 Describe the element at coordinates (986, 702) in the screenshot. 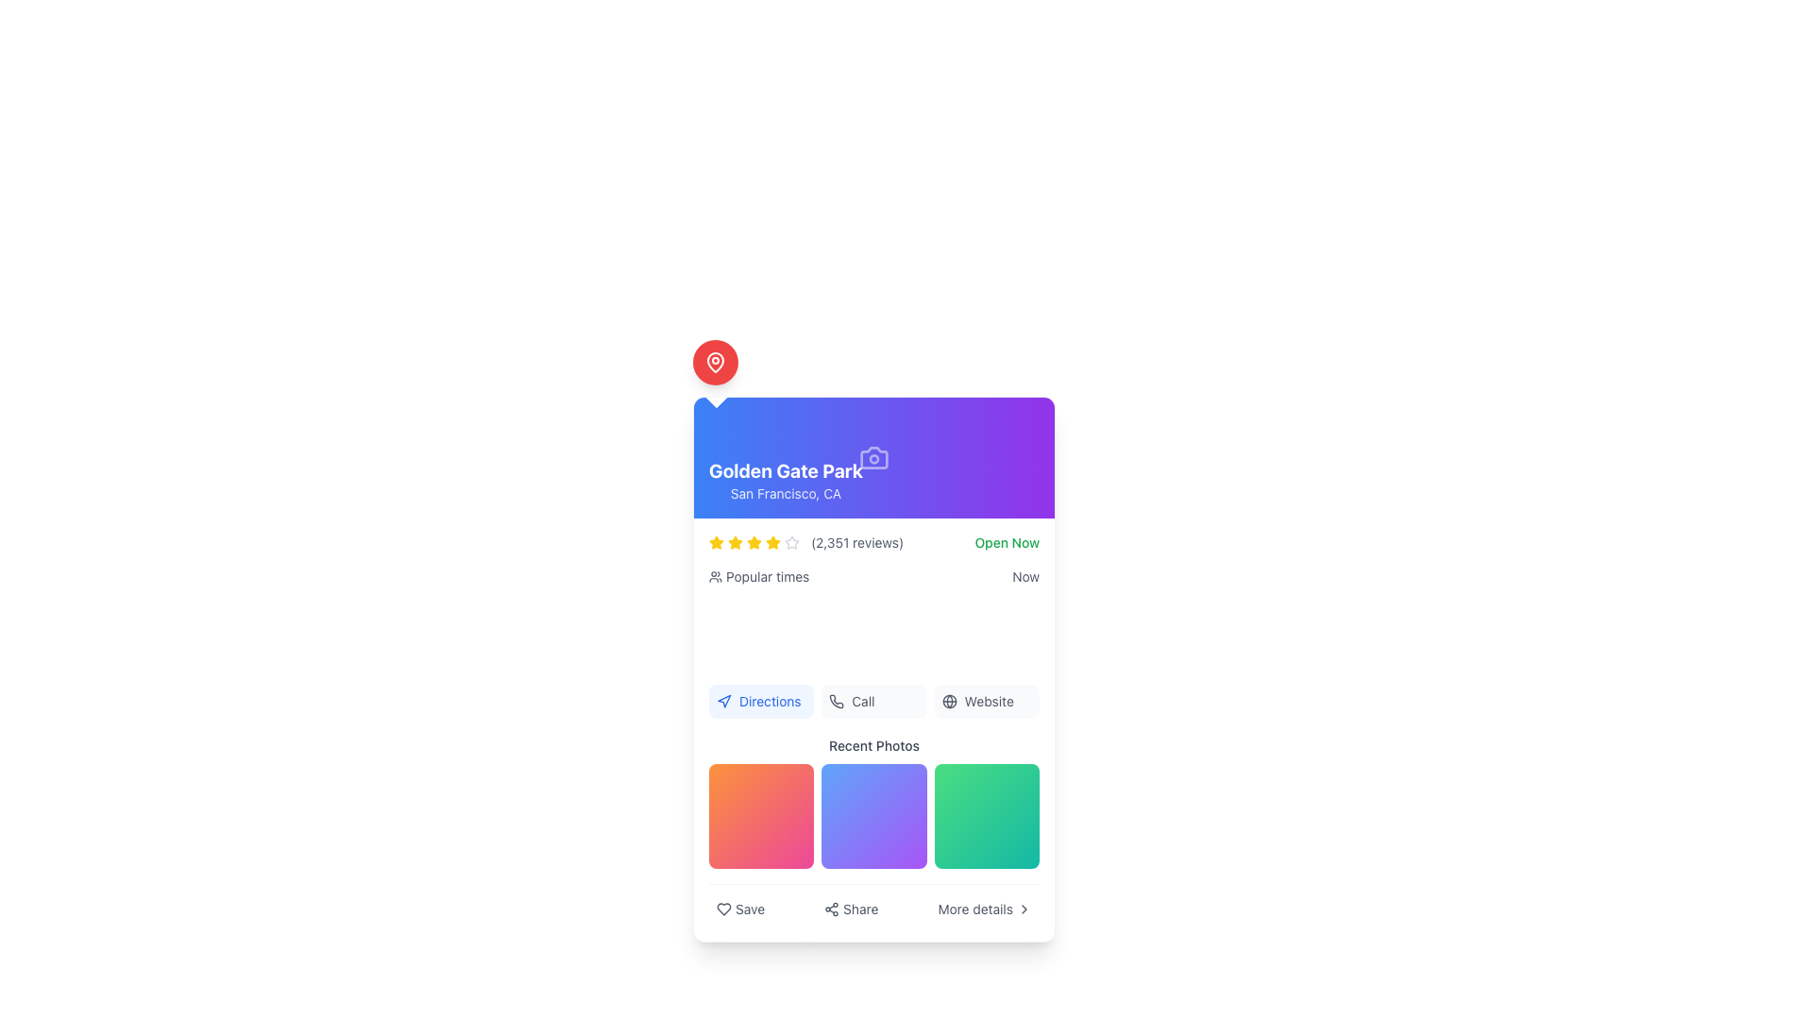

I see `the 'Website' button, which is the third button in a row of three buttons beneath the header section, styled with a light gray background and a globe icon to the left` at that location.